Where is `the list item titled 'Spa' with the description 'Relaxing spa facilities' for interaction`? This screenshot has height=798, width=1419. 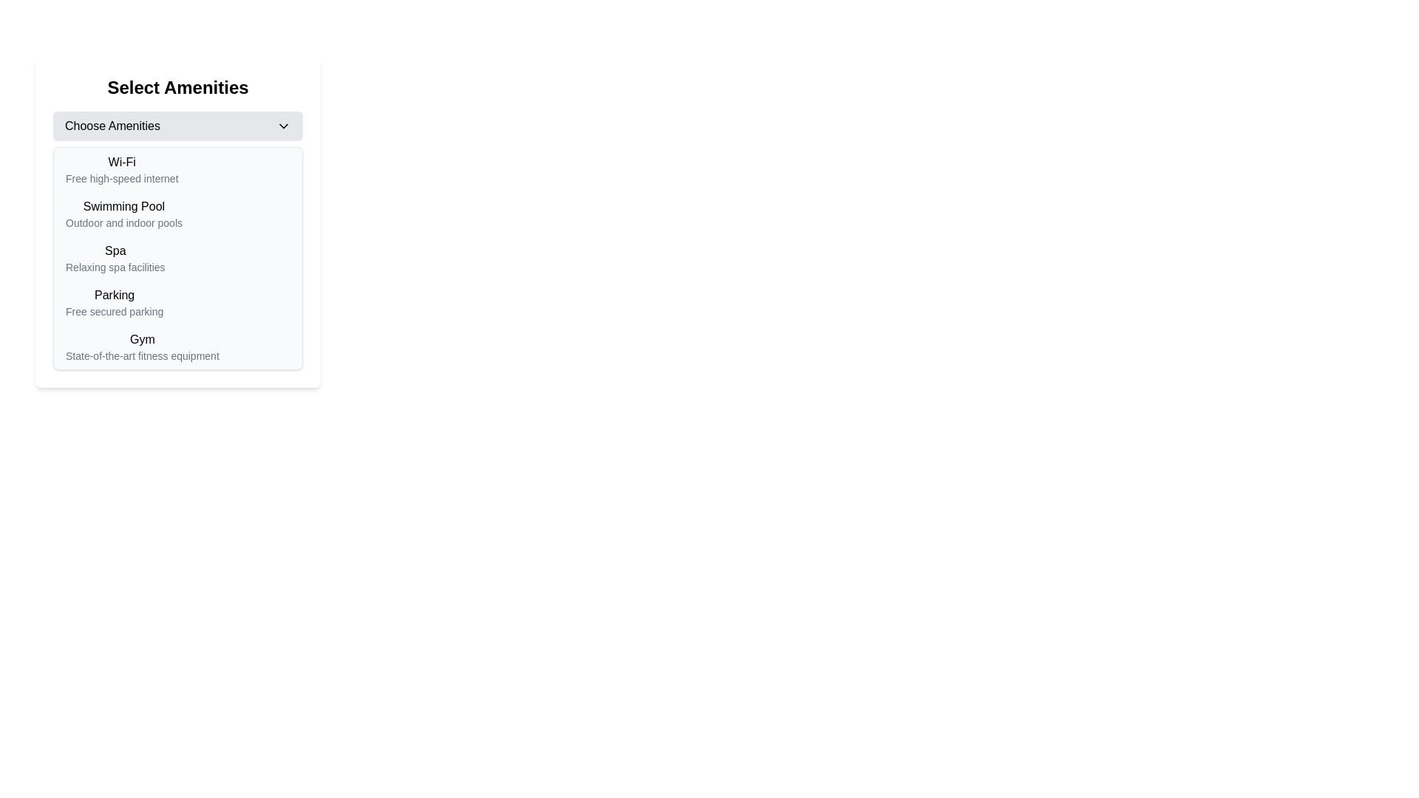 the list item titled 'Spa' with the description 'Relaxing spa facilities' for interaction is located at coordinates (177, 258).